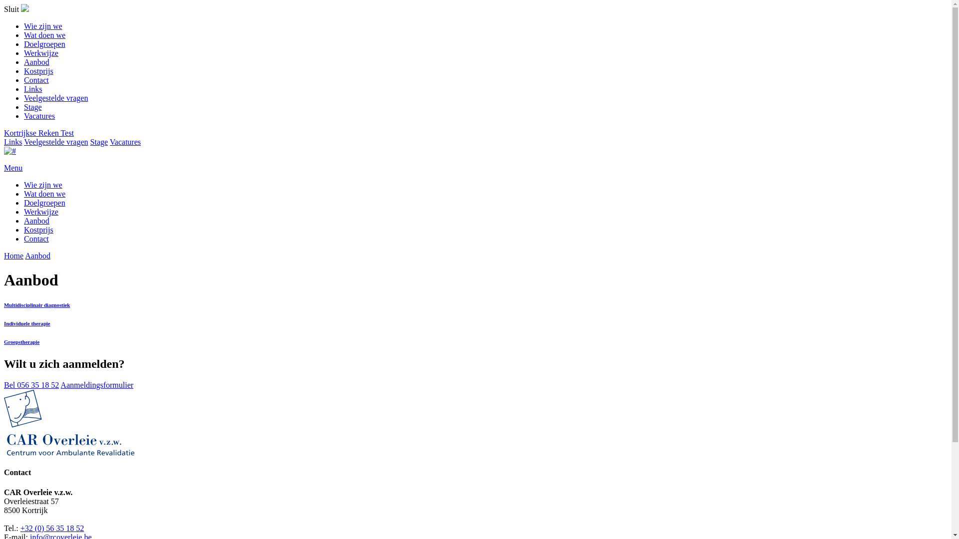  Describe the element at coordinates (31, 384) in the screenshot. I see `'Bel 056 35 18 52'` at that location.